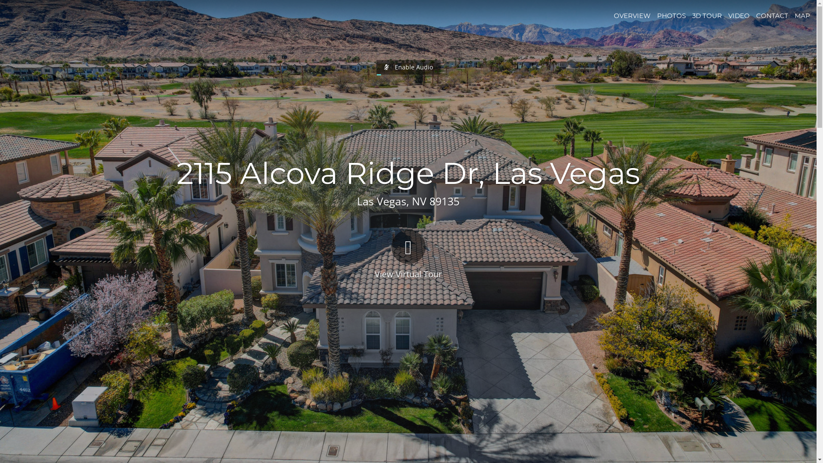 Image resolution: width=823 pixels, height=463 pixels. I want to click on 'PHOTOS', so click(671, 15).